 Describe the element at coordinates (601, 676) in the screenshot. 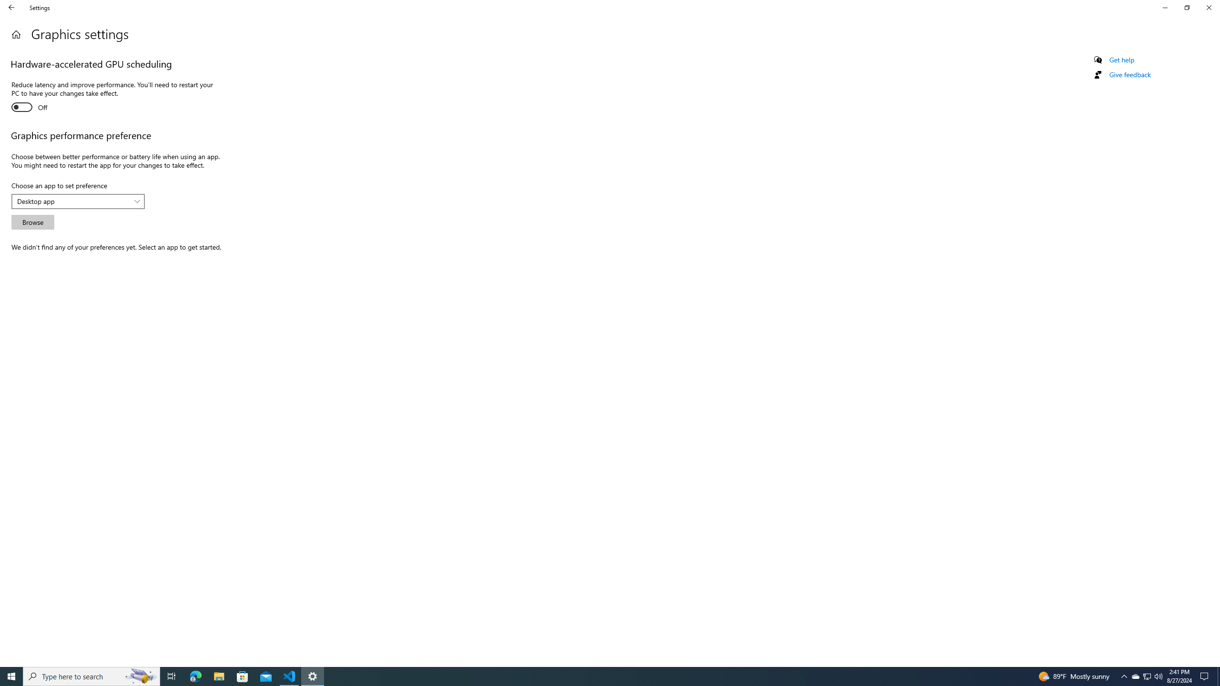

I see `'Running applications'` at that location.